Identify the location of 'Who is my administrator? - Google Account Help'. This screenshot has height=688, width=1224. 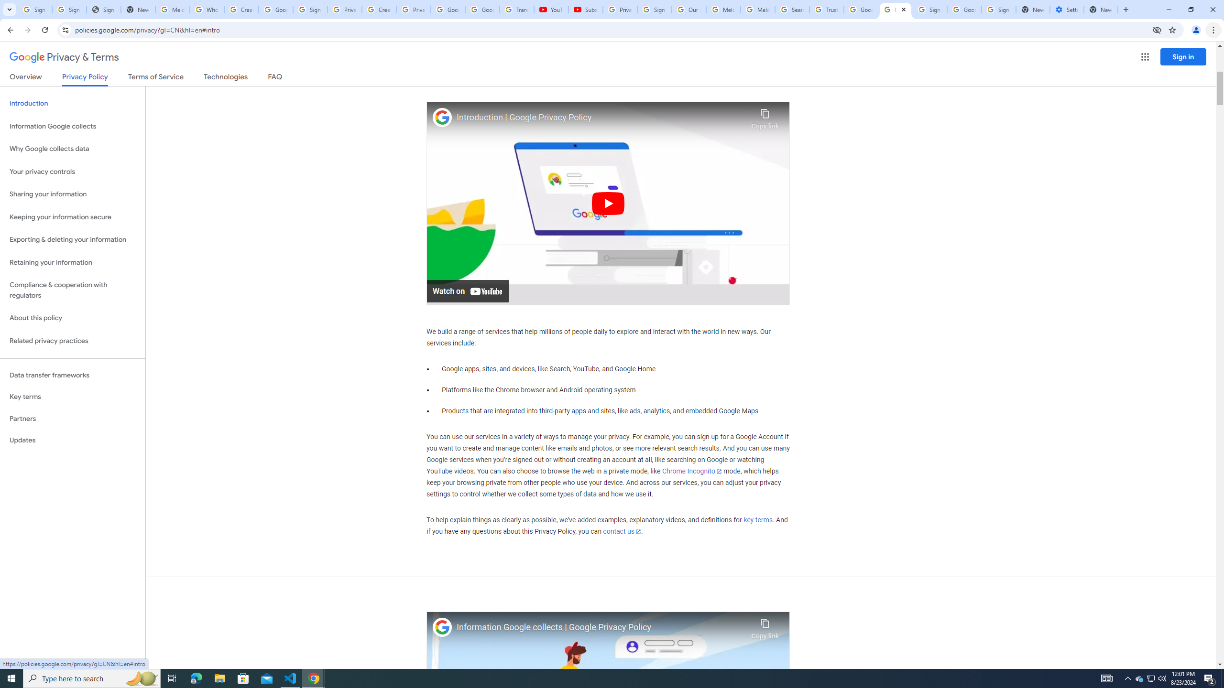
(207, 9).